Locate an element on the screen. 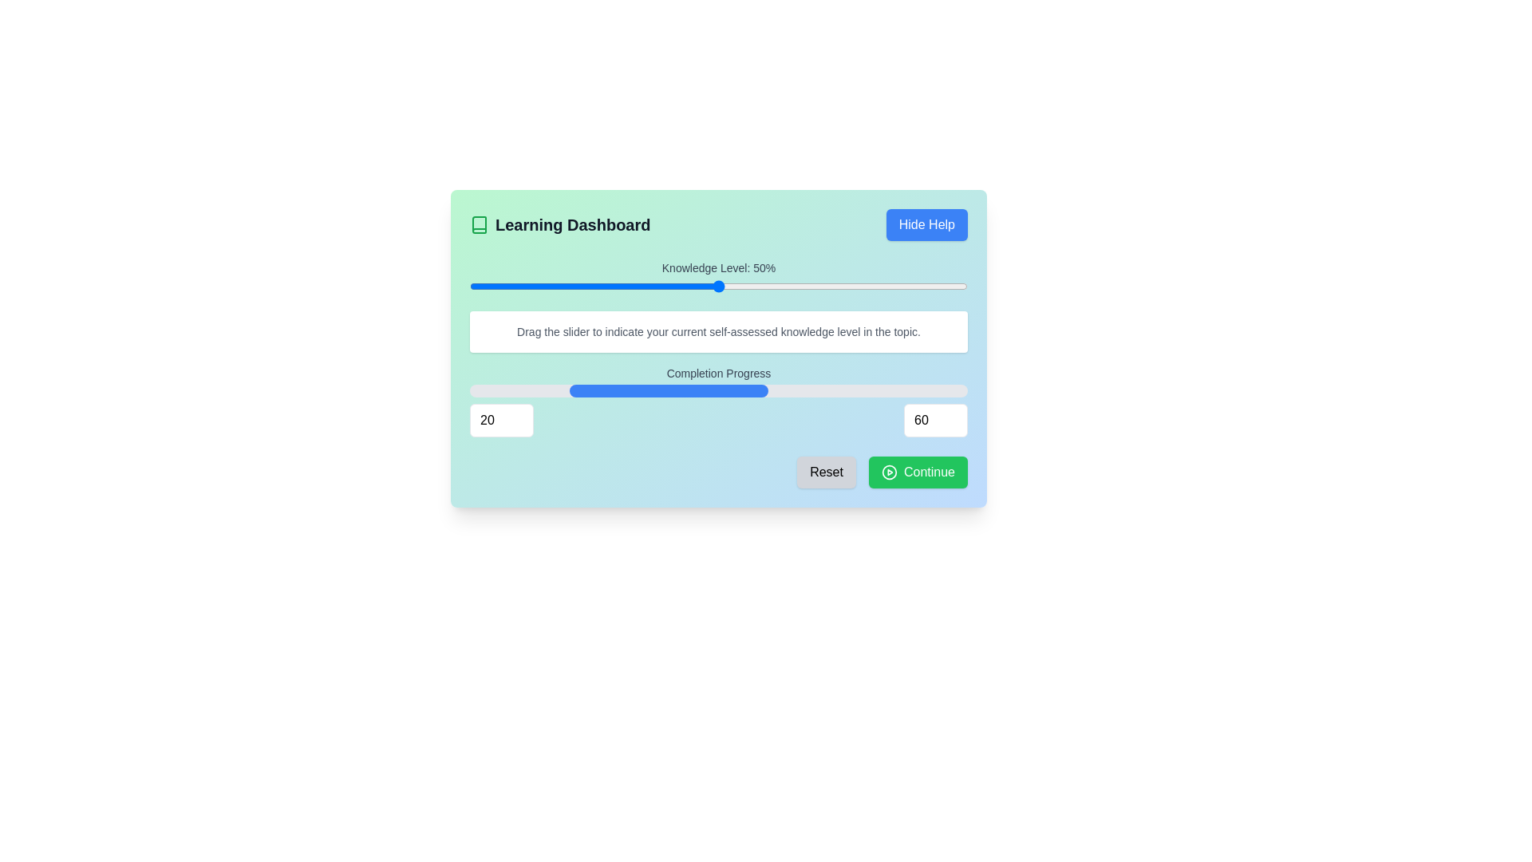 This screenshot has width=1532, height=862. the static text label that reads 'Knowledge Level: 50%', which is positioned centrally above a graphical slider component in the Learning Dashboard interface is located at coordinates (718, 267).